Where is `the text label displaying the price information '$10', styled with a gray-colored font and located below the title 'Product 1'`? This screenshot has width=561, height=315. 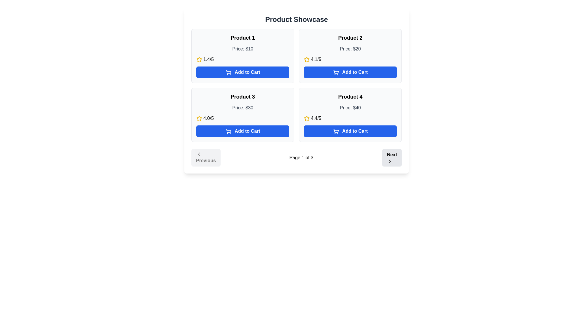 the text label displaying the price information '$10', styled with a gray-colored font and located below the title 'Product 1' is located at coordinates (243, 49).